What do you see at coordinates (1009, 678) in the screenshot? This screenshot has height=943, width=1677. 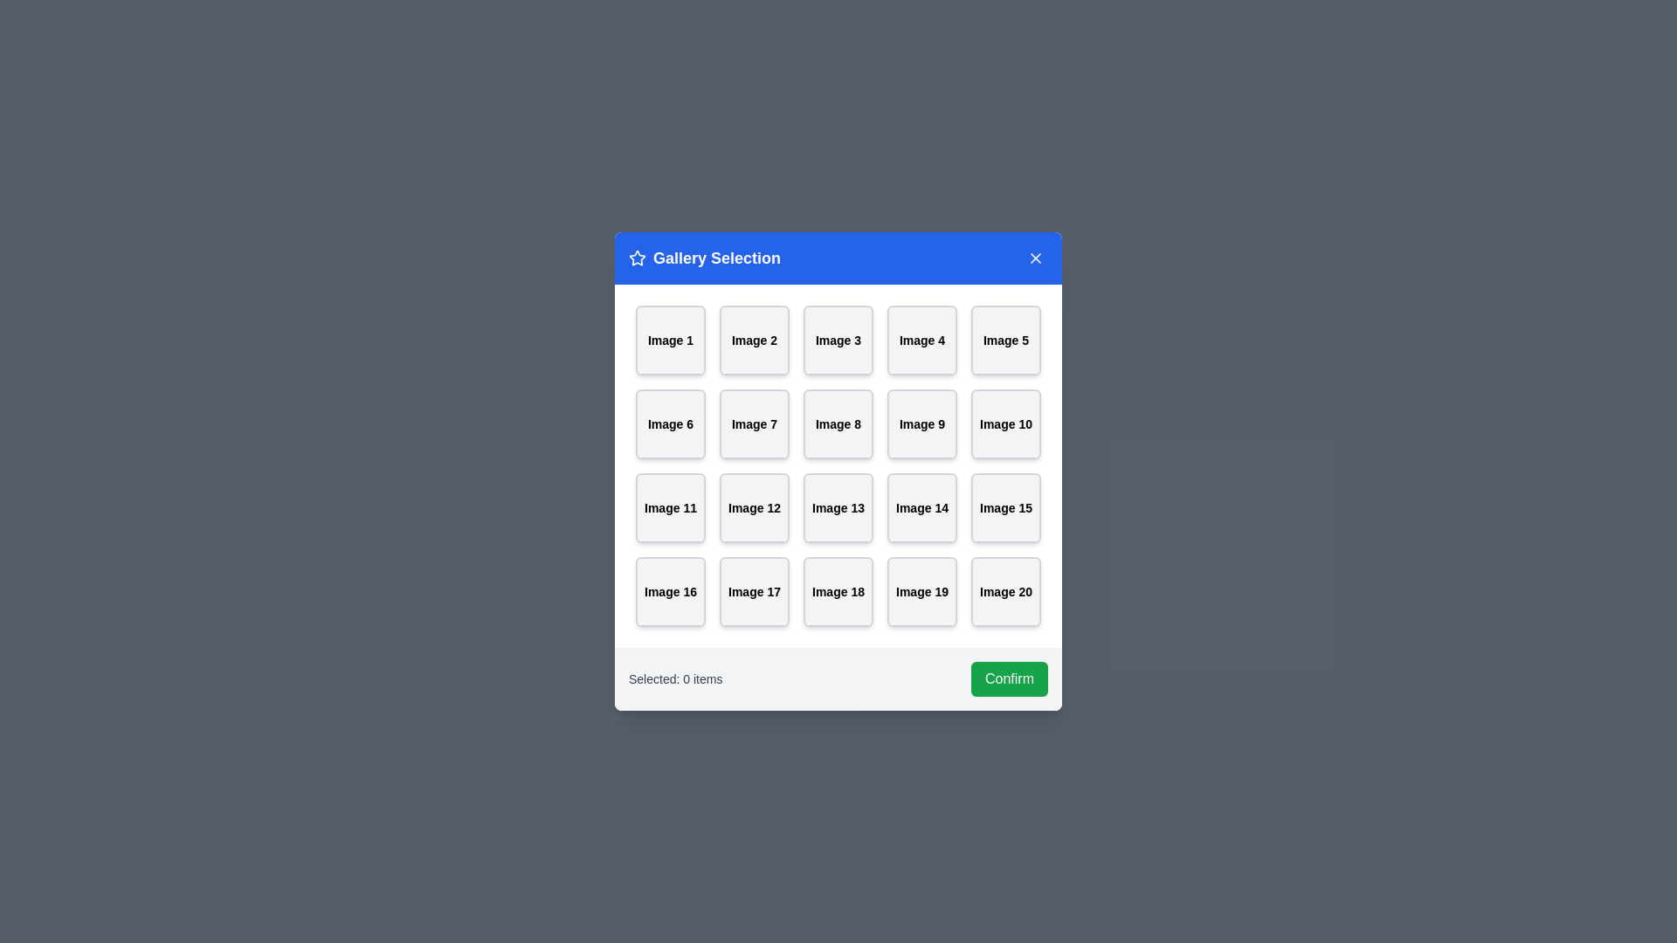 I see `the 'Confirm' button to confirm the selected items` at bounding box center [1009, 678].